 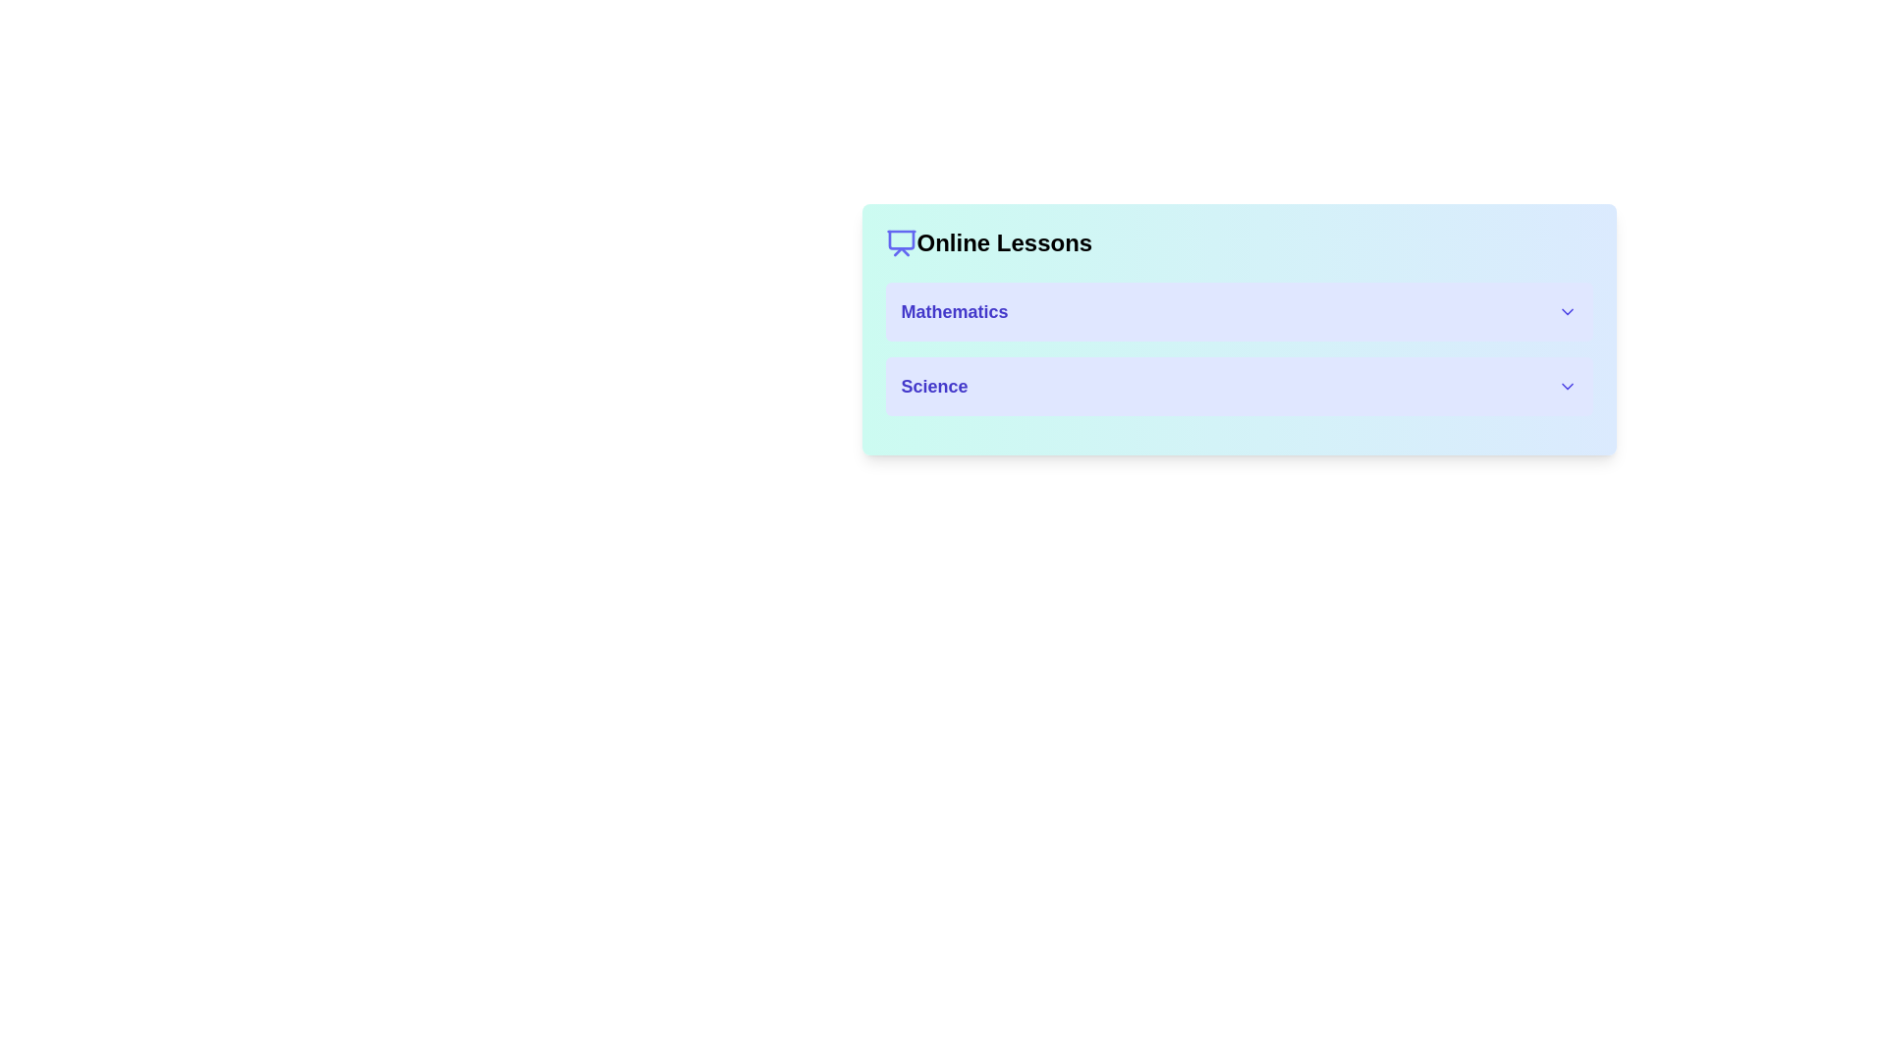 What do you see at coordinates (955, 310) in the screenshot?
I see `text label displaying 'Mathematics', which is styled with a bold indigo font and is part of a vertical list of items` at bounding box center [955, 310].